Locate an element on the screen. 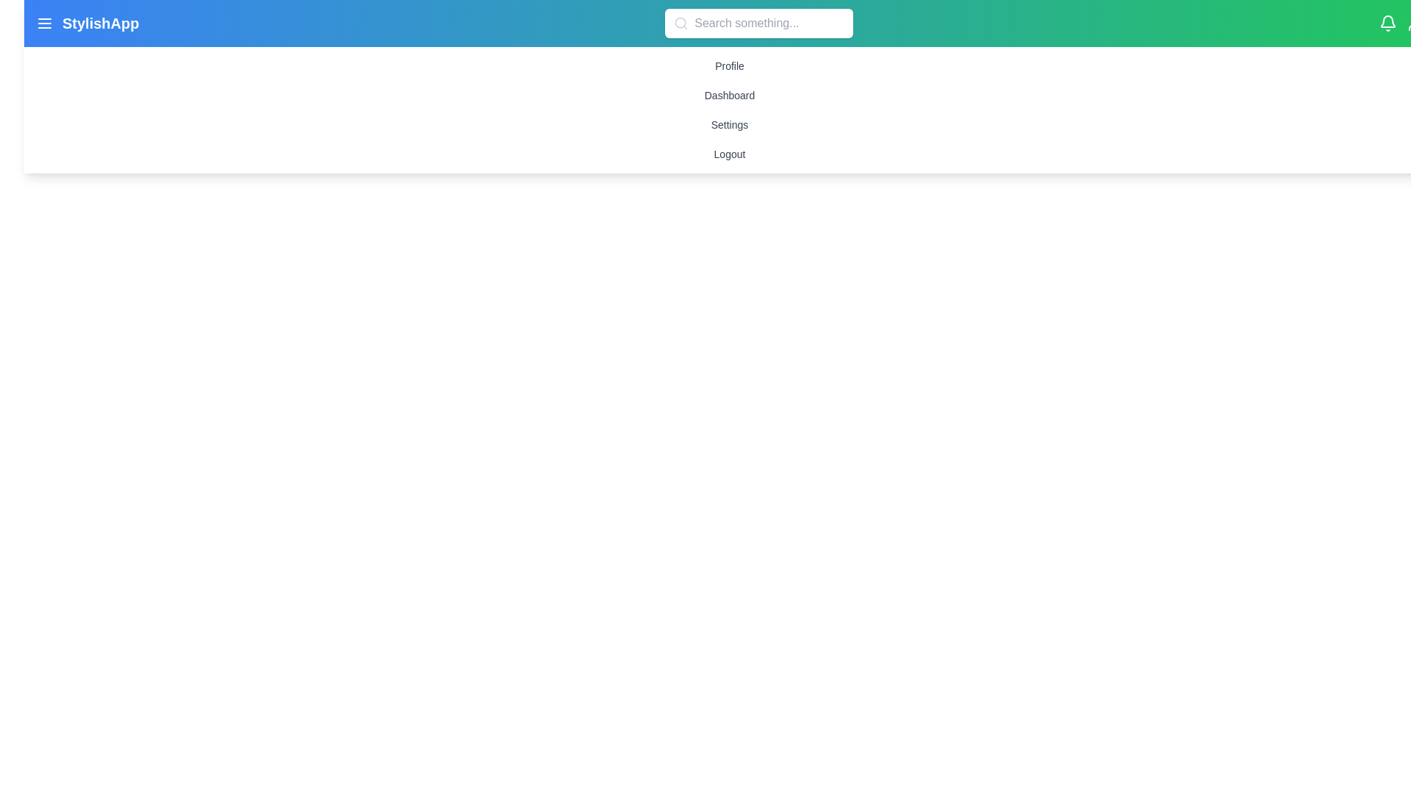 The image size is (1411, 794). the Notification Bell Icon located at the far right of the header is located at coordinates (1387, 23).